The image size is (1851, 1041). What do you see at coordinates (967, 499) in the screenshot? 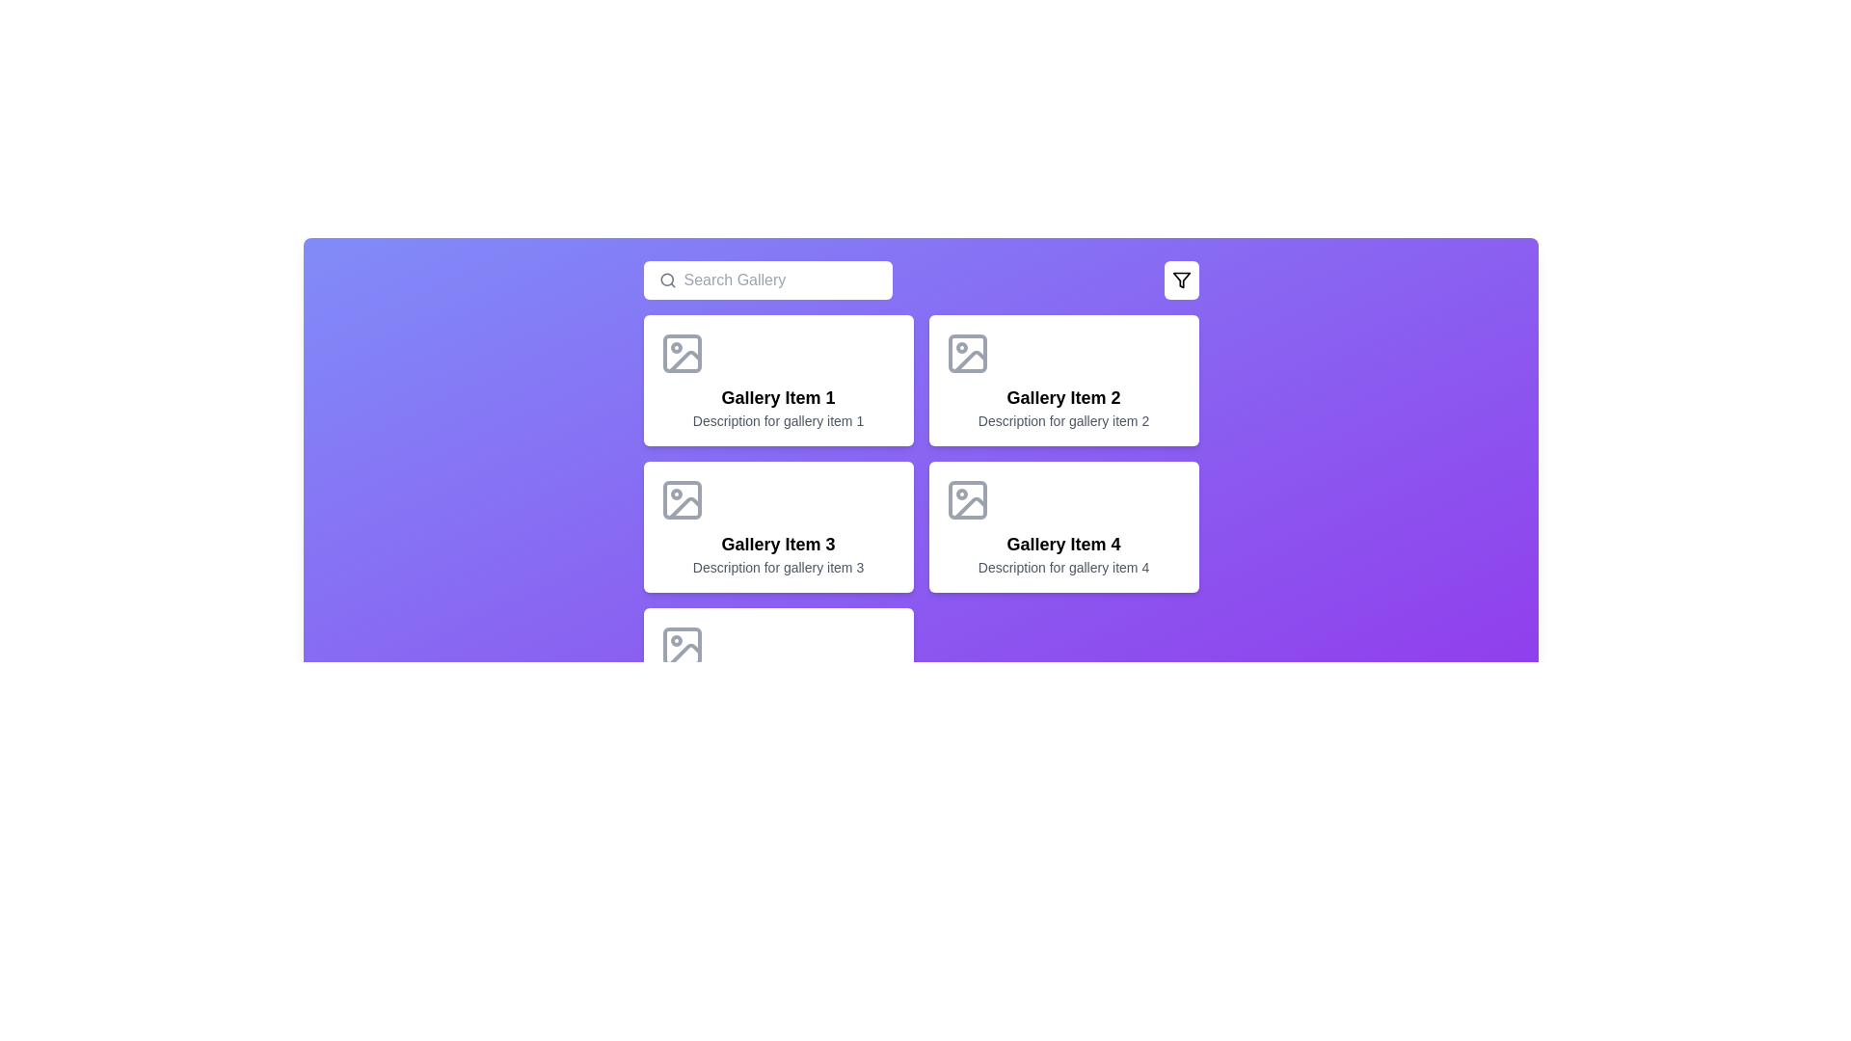
I see `the icon resembling an image symbol, styled in gray with a circular detail, located at the top-left inside the card labeled 'Gallery Item 4'` at bounding box center [967, 499].